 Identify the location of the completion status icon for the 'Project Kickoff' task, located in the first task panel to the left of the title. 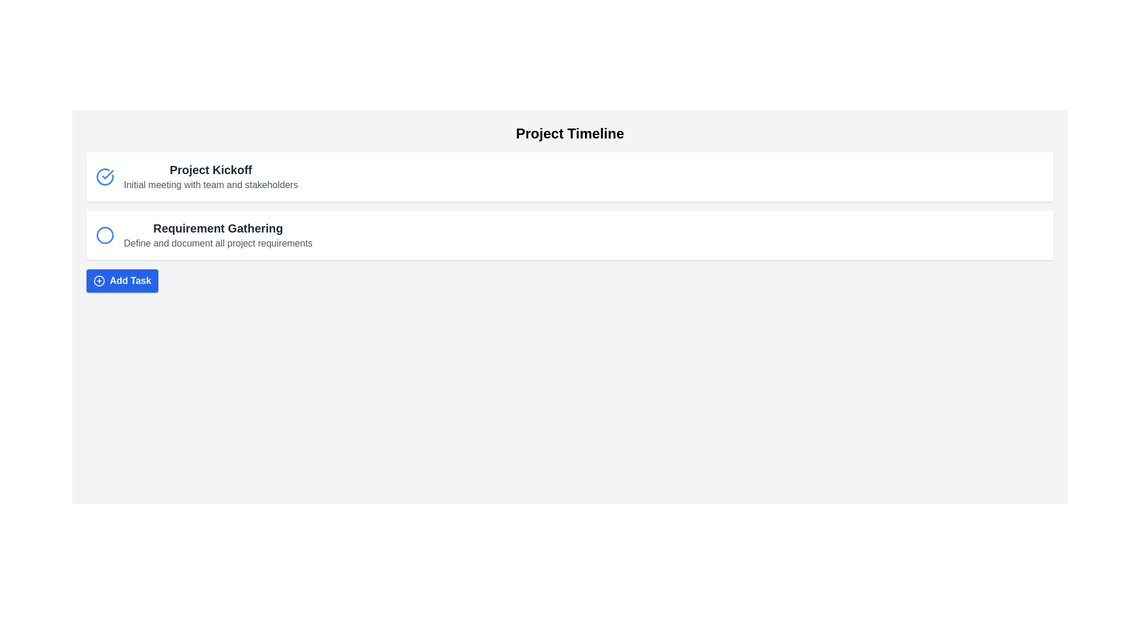
(105, 177).